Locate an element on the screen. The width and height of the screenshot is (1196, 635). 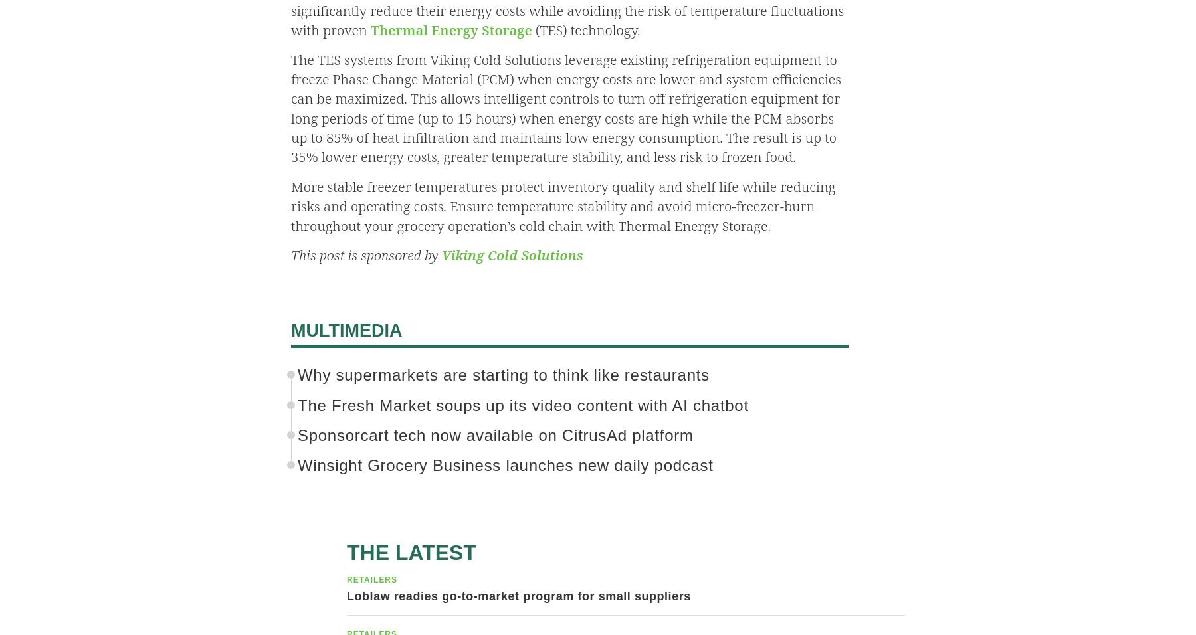
'Thermal Energy Storage' is located at coordinates (450, 29).